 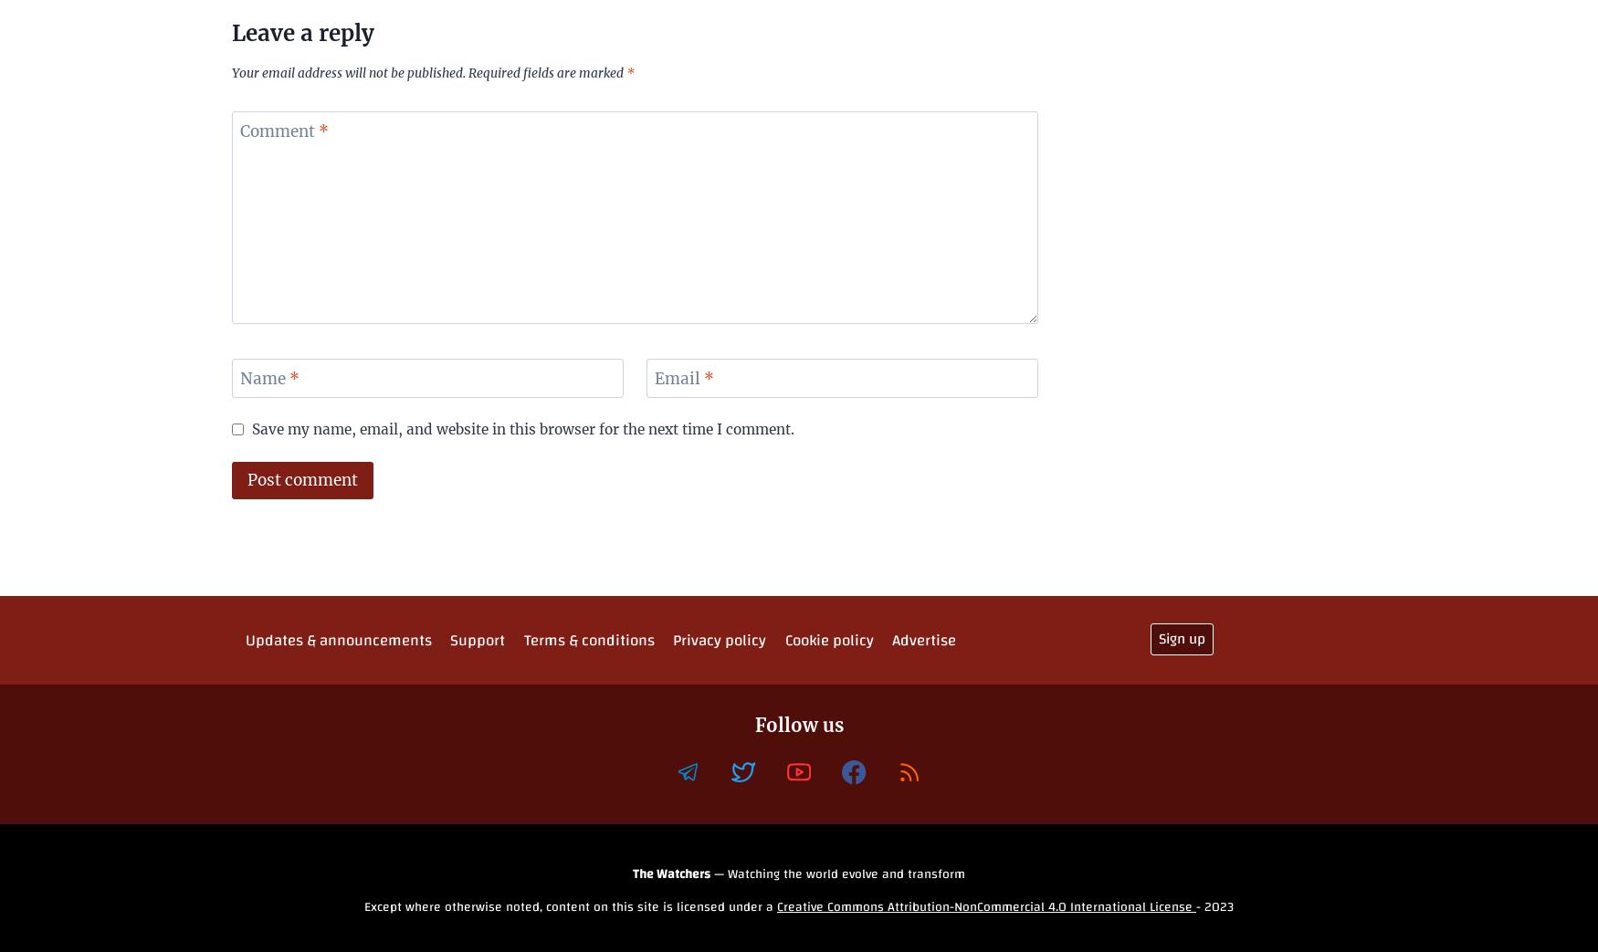 I want to click on 'Leave a reply', so click(x=302, y=32).